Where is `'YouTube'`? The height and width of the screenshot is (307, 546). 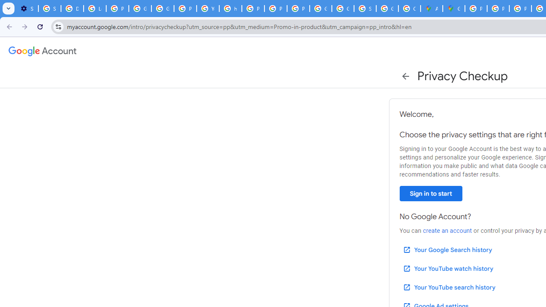
'YouTube' is located at coordinates (208, 9).